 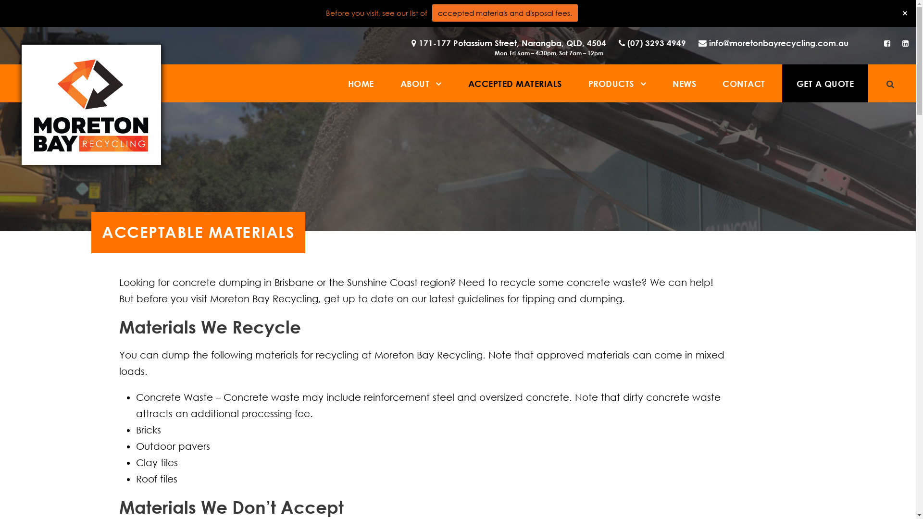 I want to click on 'CONTACT', so click(x=743, y=83).